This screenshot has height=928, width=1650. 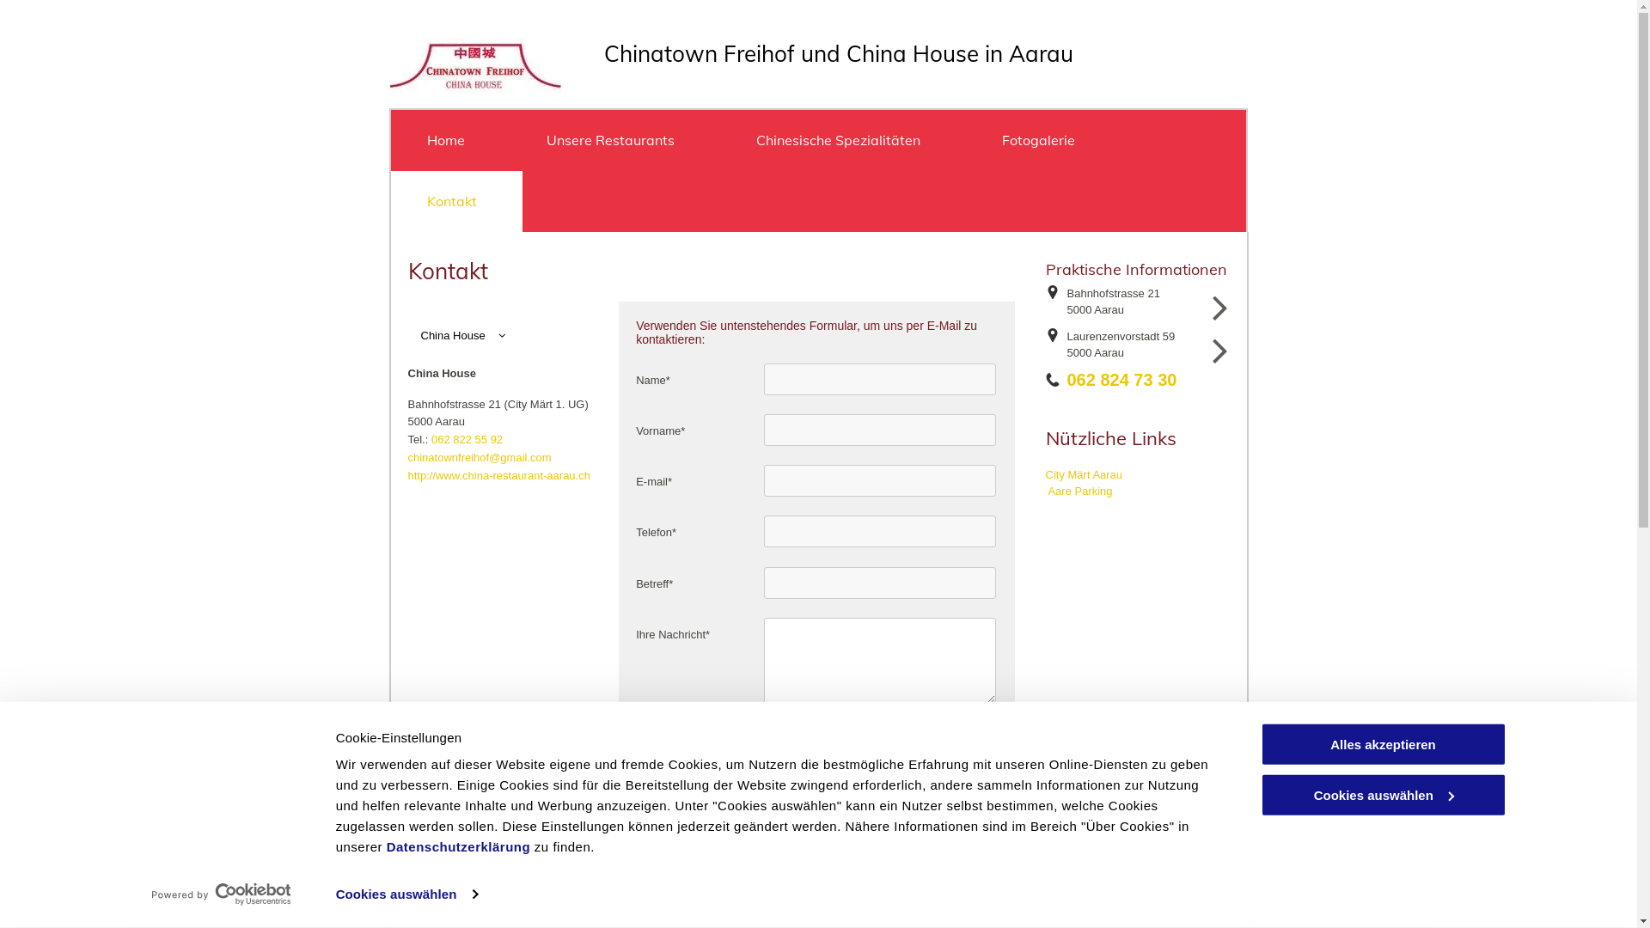 What do you see at coordinates (479, 456) in the screenshot?
I see `'chinatownfreihof@gmail.com'` at bounding box center [479, 456].